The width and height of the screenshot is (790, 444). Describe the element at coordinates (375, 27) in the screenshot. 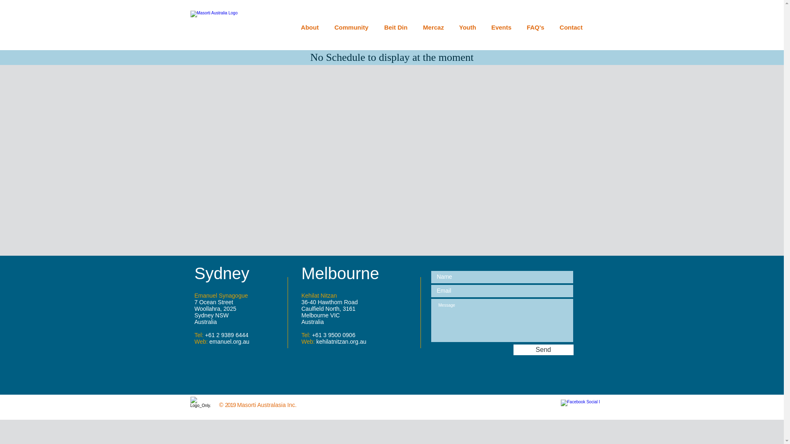

I see `'Beit Din'` at that location.